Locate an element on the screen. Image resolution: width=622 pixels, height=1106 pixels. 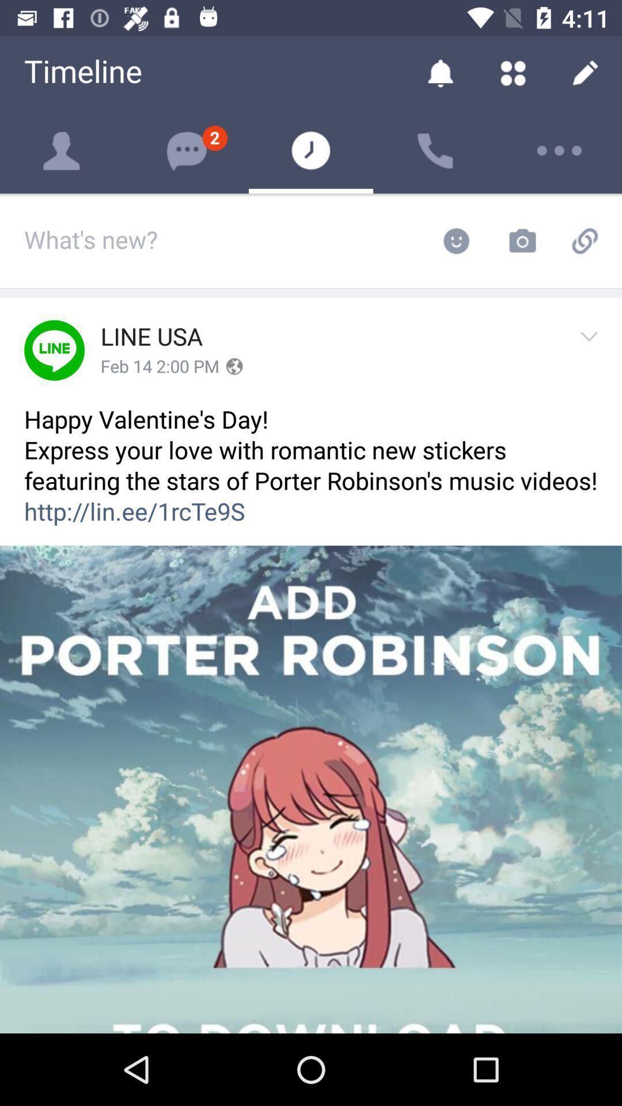
the avatar icon is located at coordinates (62, 150).